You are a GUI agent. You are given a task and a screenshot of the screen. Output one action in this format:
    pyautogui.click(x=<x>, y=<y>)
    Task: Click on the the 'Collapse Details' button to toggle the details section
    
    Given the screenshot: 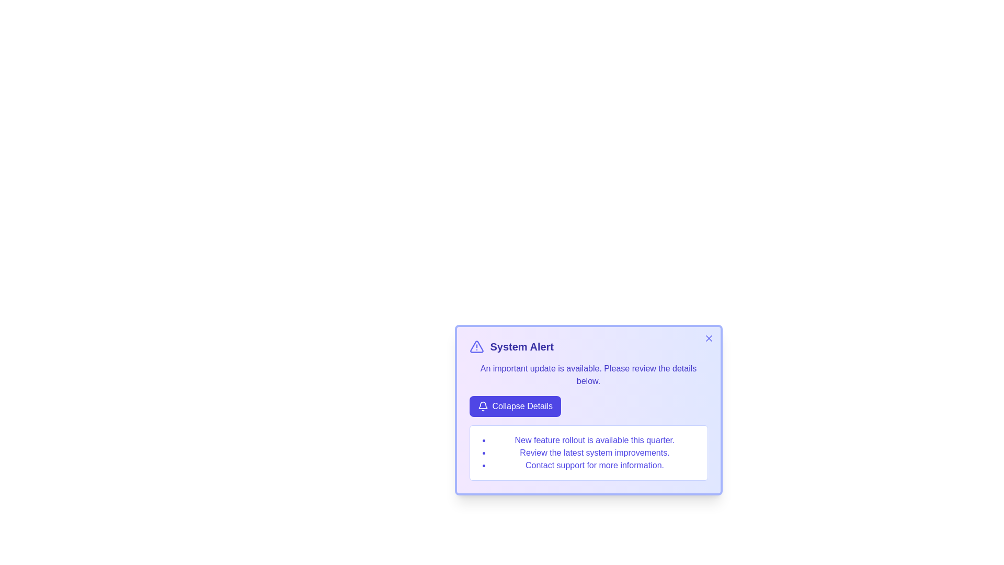 What is the action you would take?
    pyautogui.click(x=515, y=405)
    